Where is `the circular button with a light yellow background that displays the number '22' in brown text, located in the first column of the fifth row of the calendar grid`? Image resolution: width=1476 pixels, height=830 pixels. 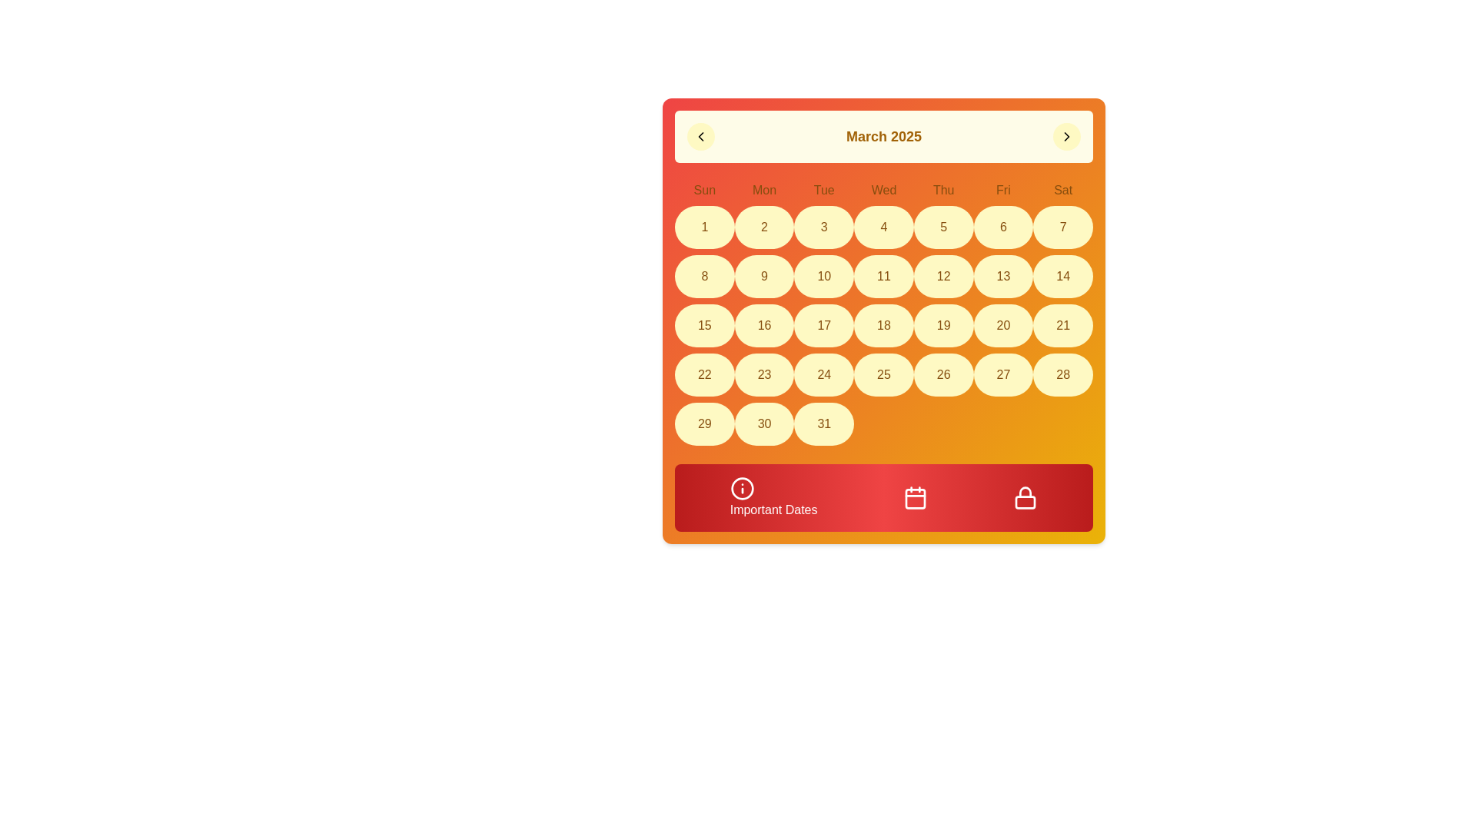
the circular button with a light yellow background that displays the number '22' in brown text, located in the first column of the fifth row of the calendar grid is located at coordinates (703, 375).